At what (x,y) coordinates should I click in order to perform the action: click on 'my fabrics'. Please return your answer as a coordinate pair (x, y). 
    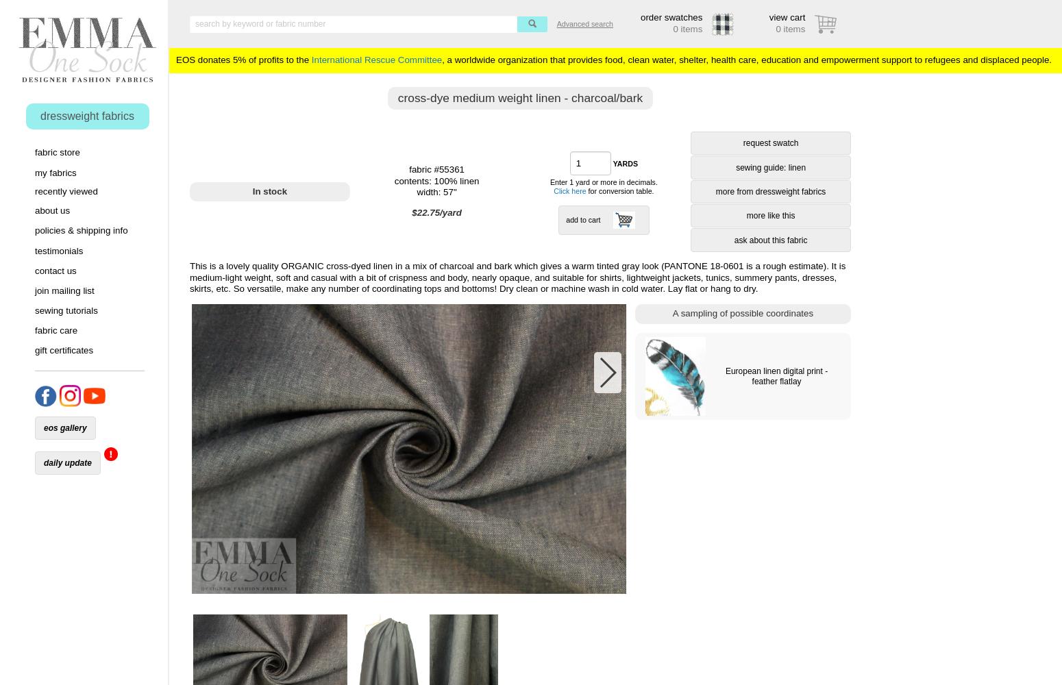
    Looking at the image, I should click on (55, 172).